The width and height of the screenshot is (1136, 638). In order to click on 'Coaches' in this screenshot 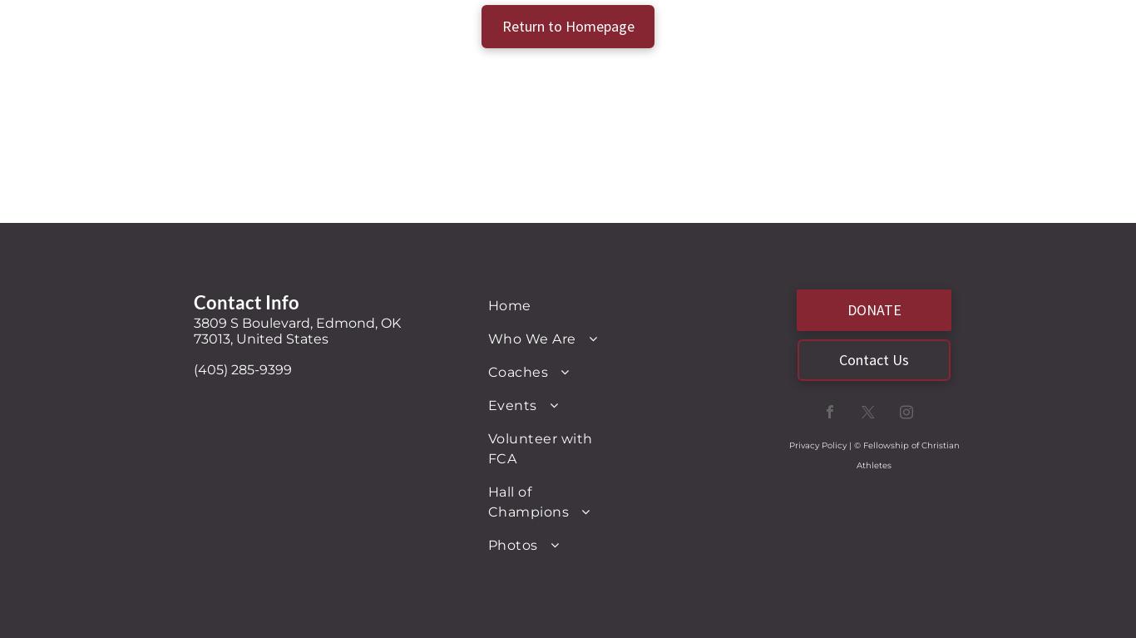, I will do `click(517, 370)`.